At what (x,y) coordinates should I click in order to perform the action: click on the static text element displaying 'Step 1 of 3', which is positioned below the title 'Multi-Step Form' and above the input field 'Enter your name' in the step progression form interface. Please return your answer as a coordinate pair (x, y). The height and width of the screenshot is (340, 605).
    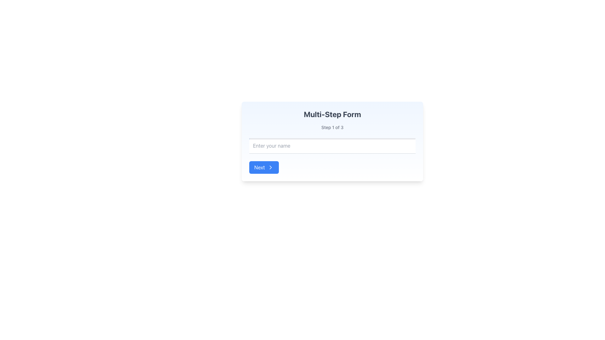
    Looking at the image, I should click on (332, 127).